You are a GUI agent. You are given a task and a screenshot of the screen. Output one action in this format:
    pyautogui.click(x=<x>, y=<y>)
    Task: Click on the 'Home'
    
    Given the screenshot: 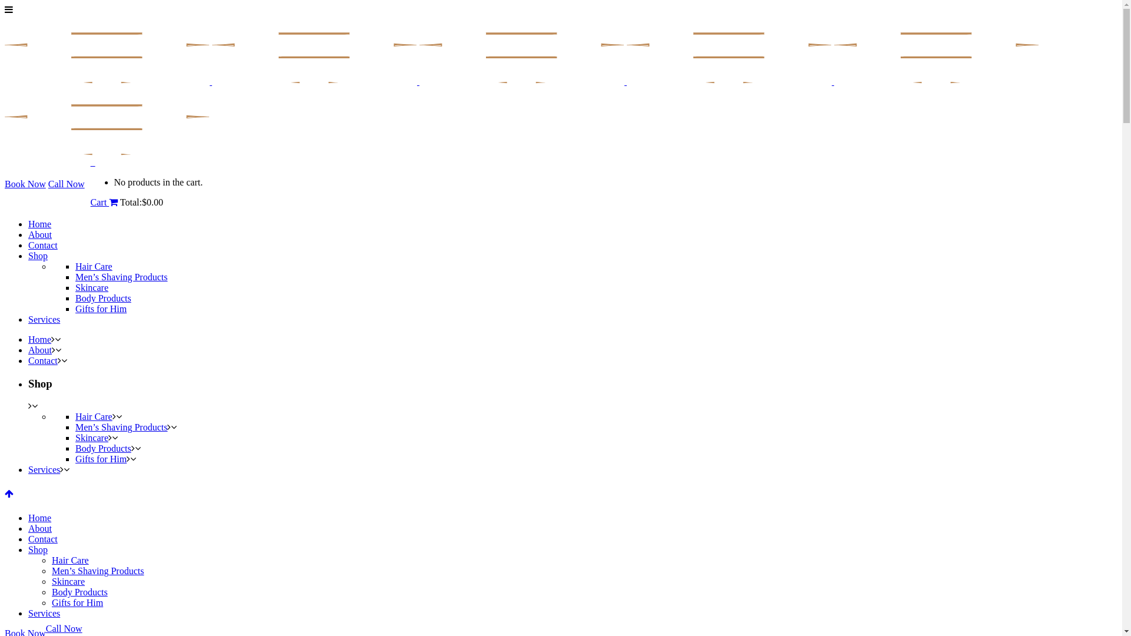 What is the action you would take?
    pyautogui.click(x=39, y=339)
    